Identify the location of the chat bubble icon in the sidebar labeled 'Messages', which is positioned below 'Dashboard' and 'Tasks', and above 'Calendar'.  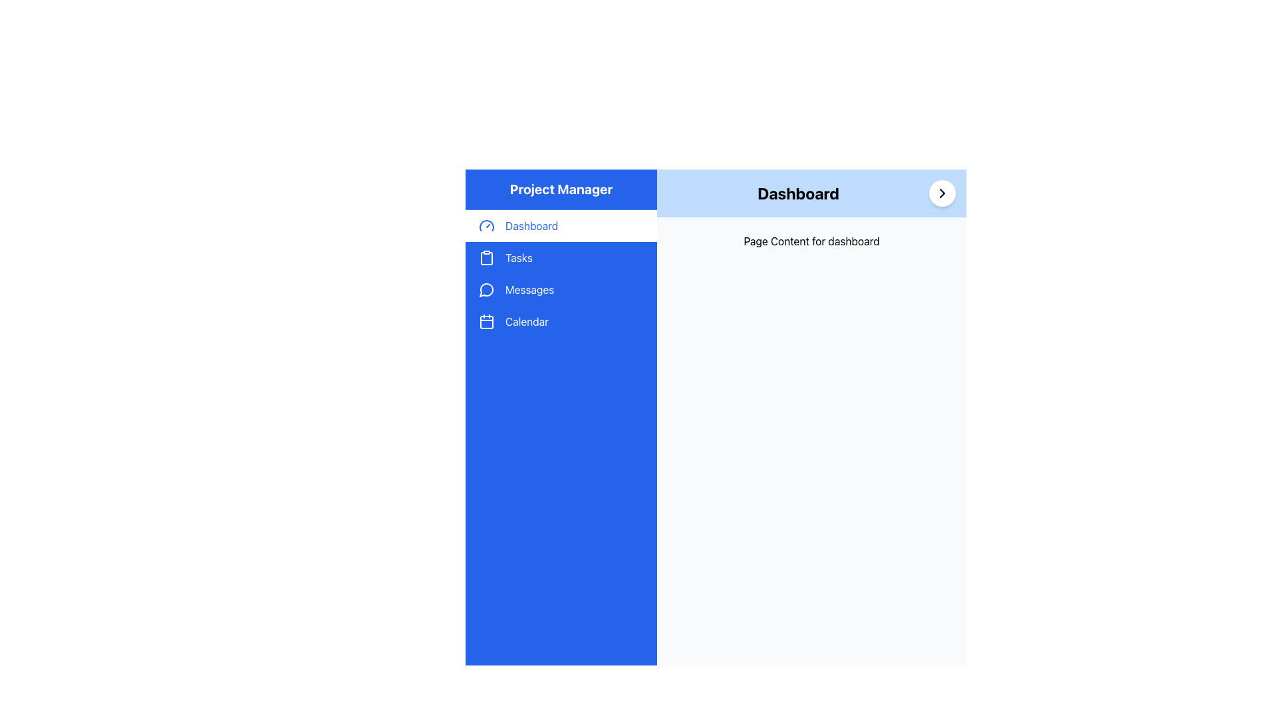
(486, 289).